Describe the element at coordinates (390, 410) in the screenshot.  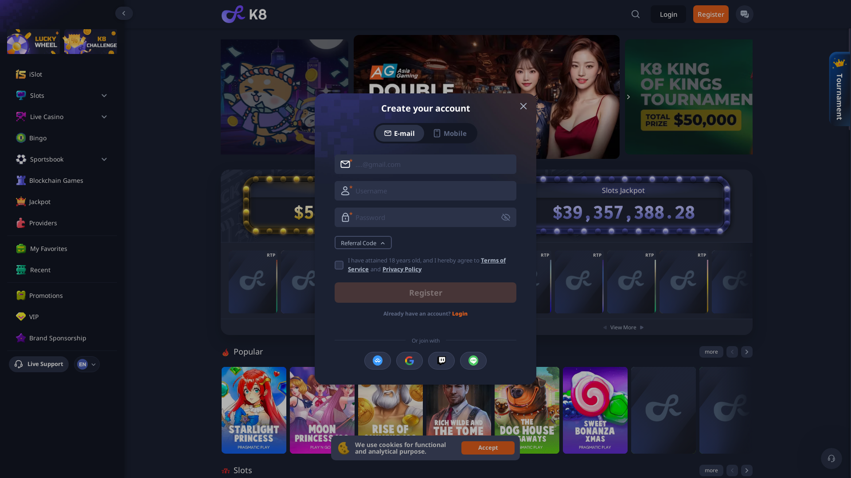
I see `'Rise of Olympus 100'` at that location.